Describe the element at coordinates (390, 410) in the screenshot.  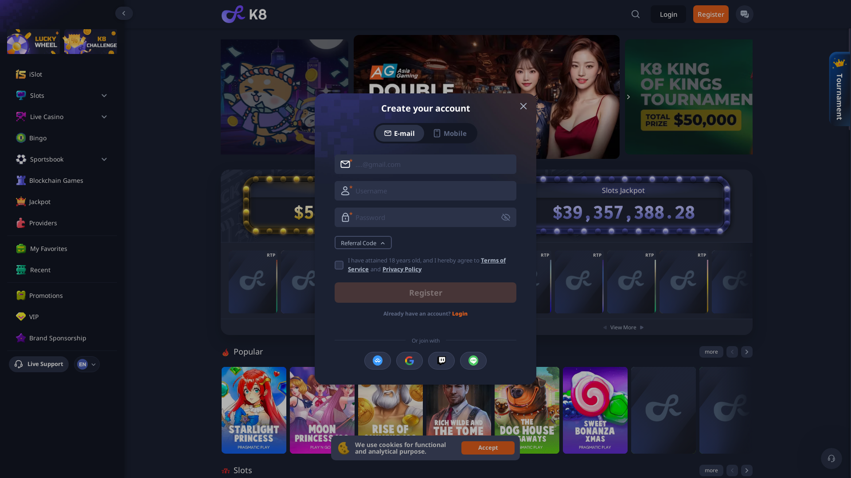
I see `'Rise of Olympus 100'` at that location.